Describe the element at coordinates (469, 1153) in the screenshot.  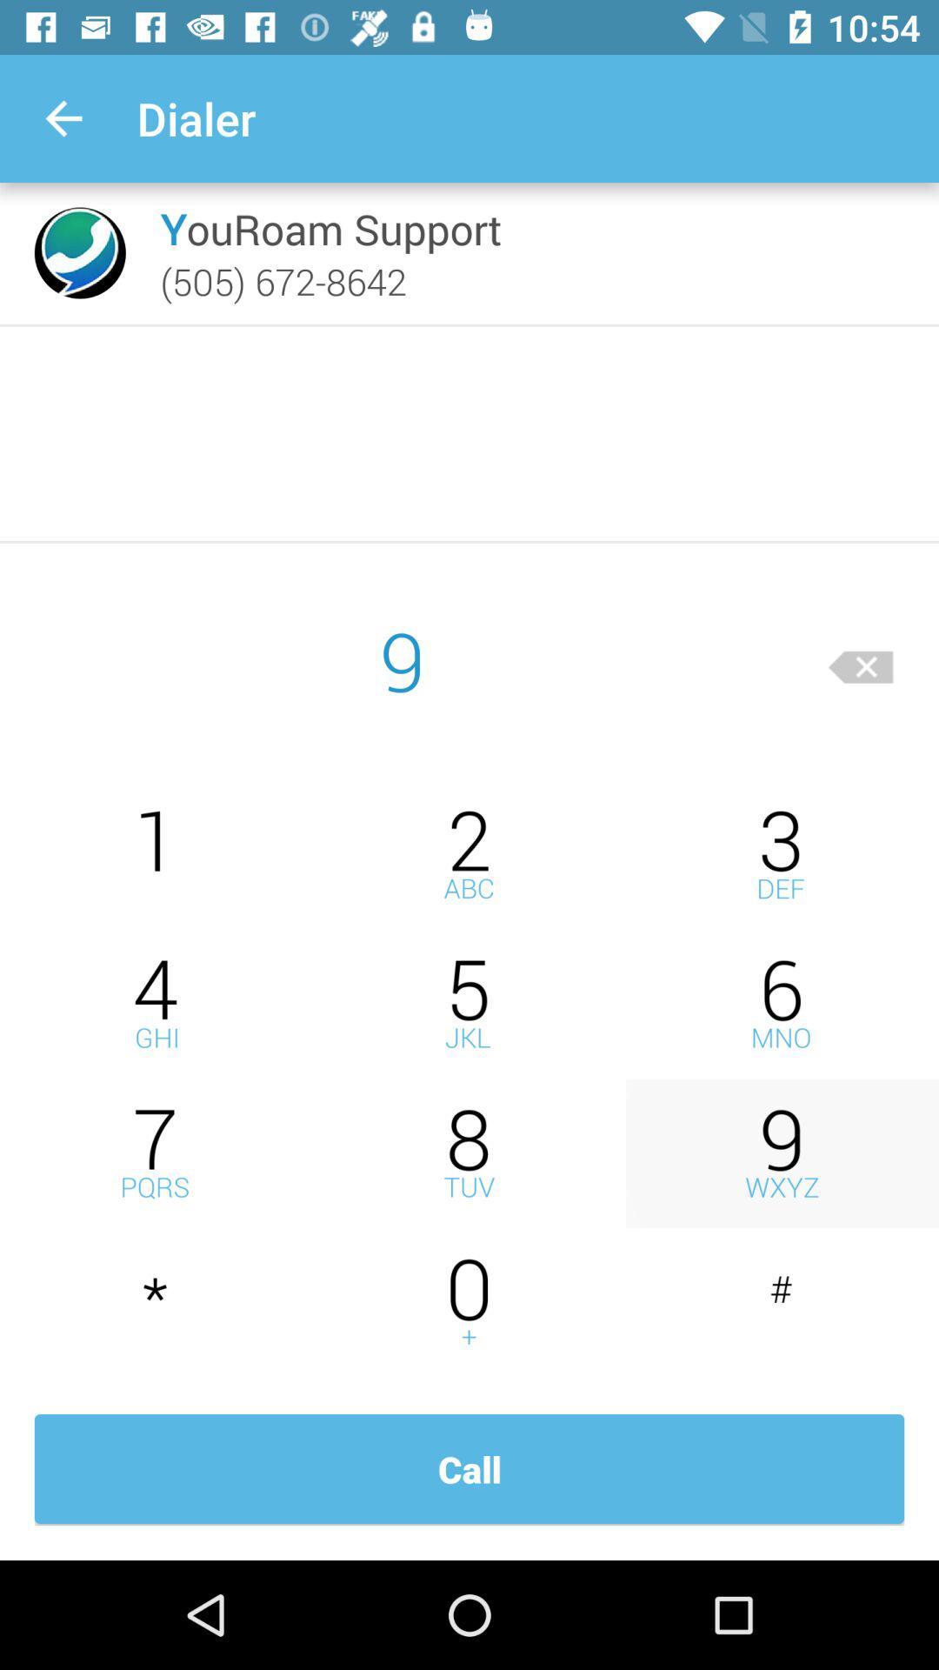
I see `dial number 8` at that location.